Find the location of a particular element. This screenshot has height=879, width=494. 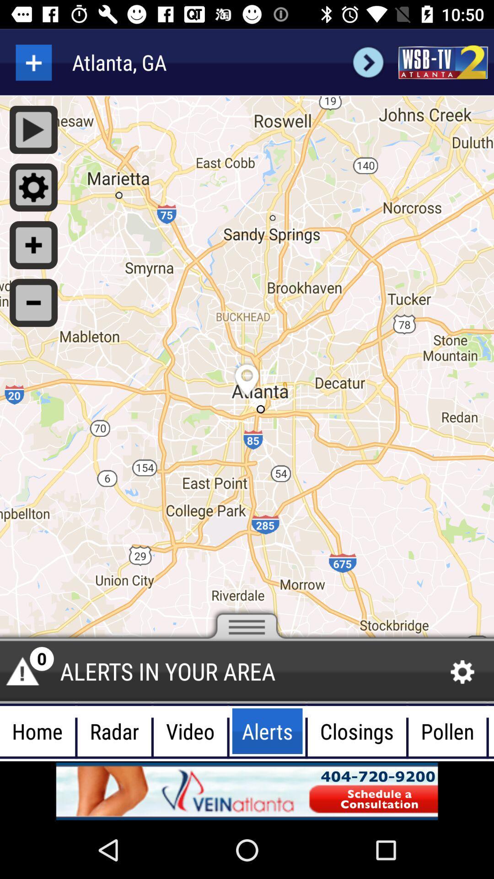

setting button at bottom is located at coordinates (462, 672).